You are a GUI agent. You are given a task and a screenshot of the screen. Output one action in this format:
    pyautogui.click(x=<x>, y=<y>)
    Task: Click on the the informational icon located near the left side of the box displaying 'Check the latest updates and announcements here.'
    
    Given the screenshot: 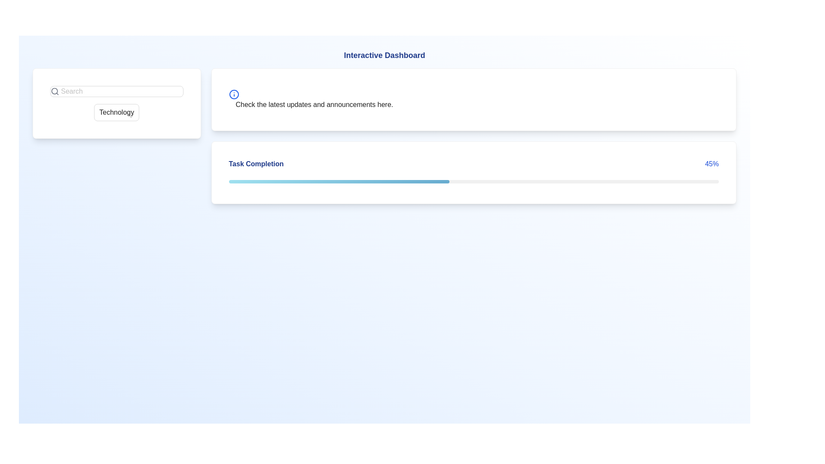 What is the action you would take?
    pyautogui.click(x=234, y=94)
    